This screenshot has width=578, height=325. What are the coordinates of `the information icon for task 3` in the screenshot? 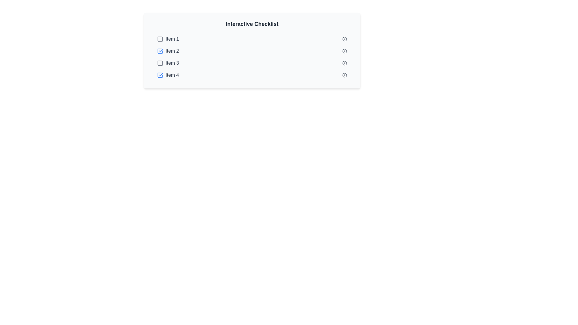 It's located at (345, 63).